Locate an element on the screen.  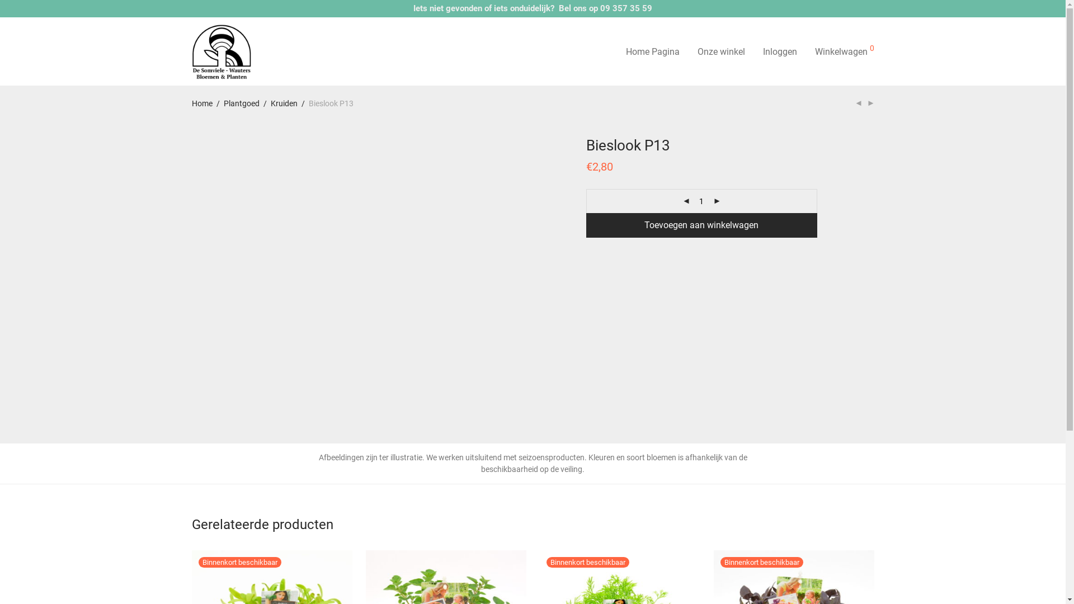
'Plantgoed' is located at coordinates (241, 103).